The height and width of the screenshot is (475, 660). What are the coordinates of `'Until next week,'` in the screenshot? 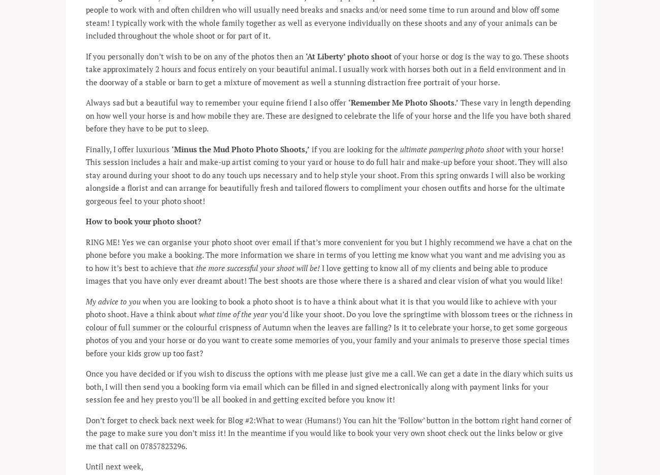 It's located at (114, 466).